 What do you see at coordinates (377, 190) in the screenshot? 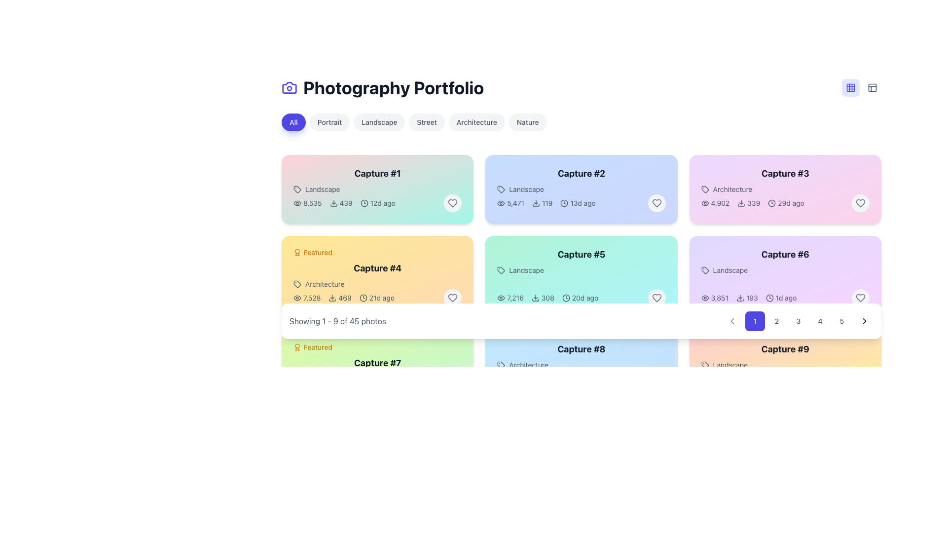
I see `the 'Capture #1' card in the photography portfolio section to observe the shadow transition effect` at bounding box center [377, 190].